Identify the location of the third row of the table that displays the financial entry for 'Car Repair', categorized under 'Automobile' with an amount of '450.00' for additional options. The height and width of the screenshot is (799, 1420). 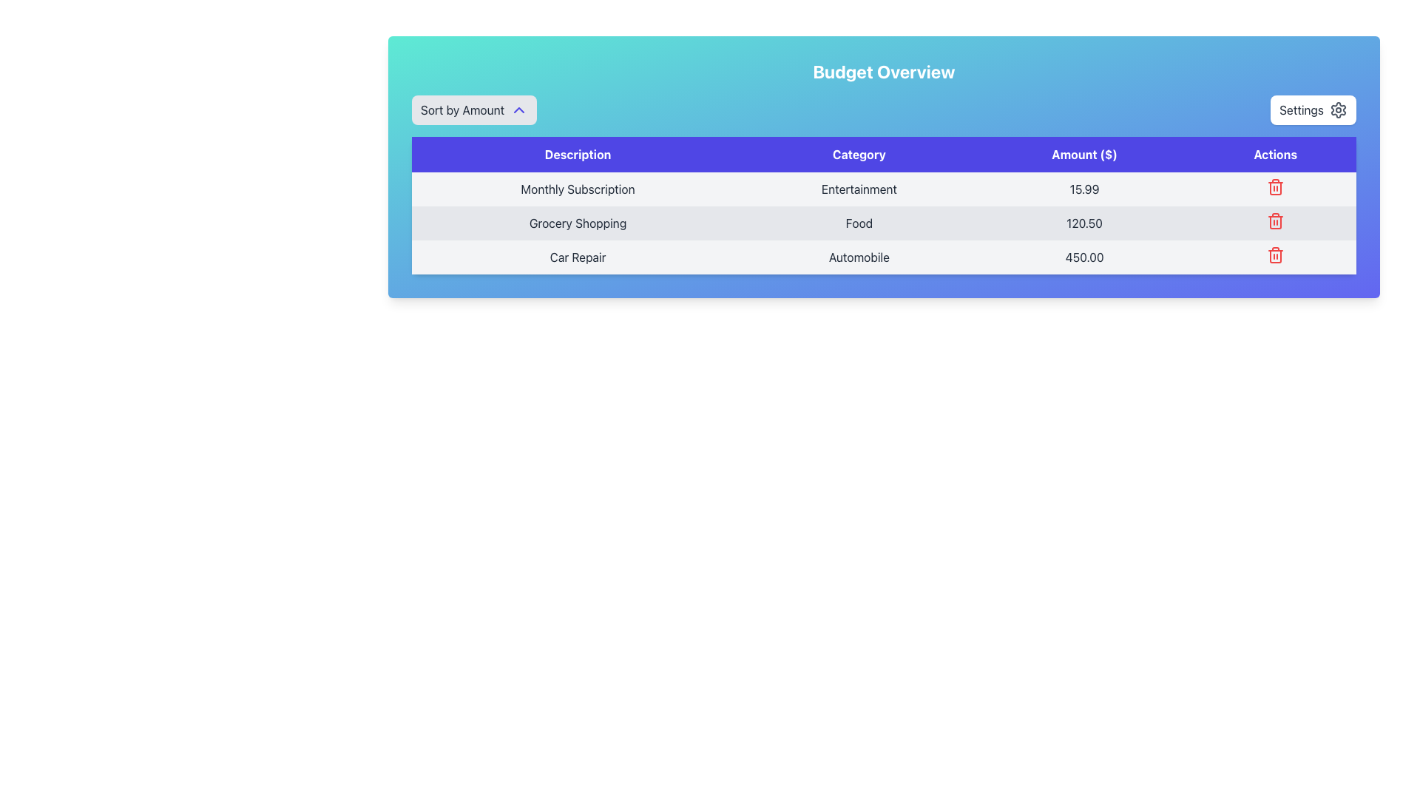
(884, 256).